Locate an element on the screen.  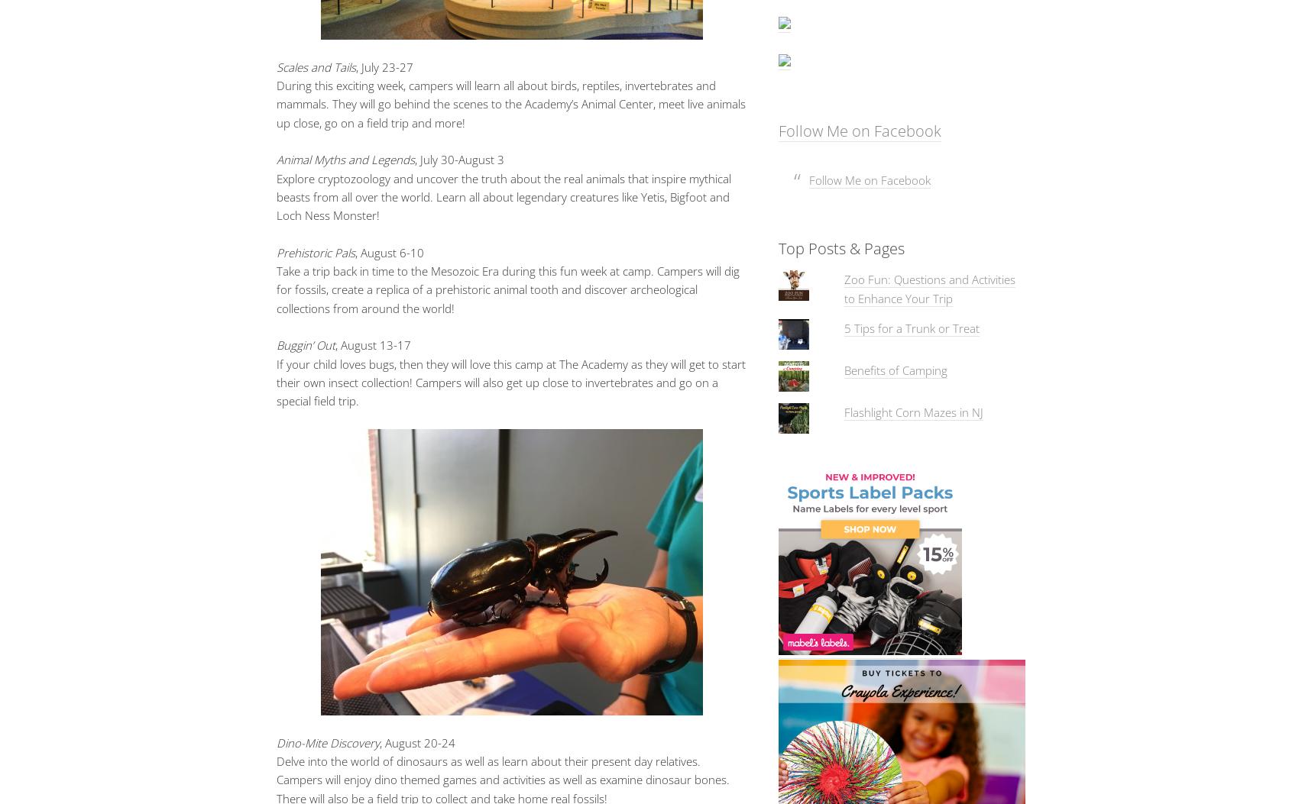
'If your child loves bugs, then they will love this camp at The Academy as they will get to start their own insect collection! Campers will also get up close to invertebrates and go on a special field trip.' is located at coordinates (510, 382).